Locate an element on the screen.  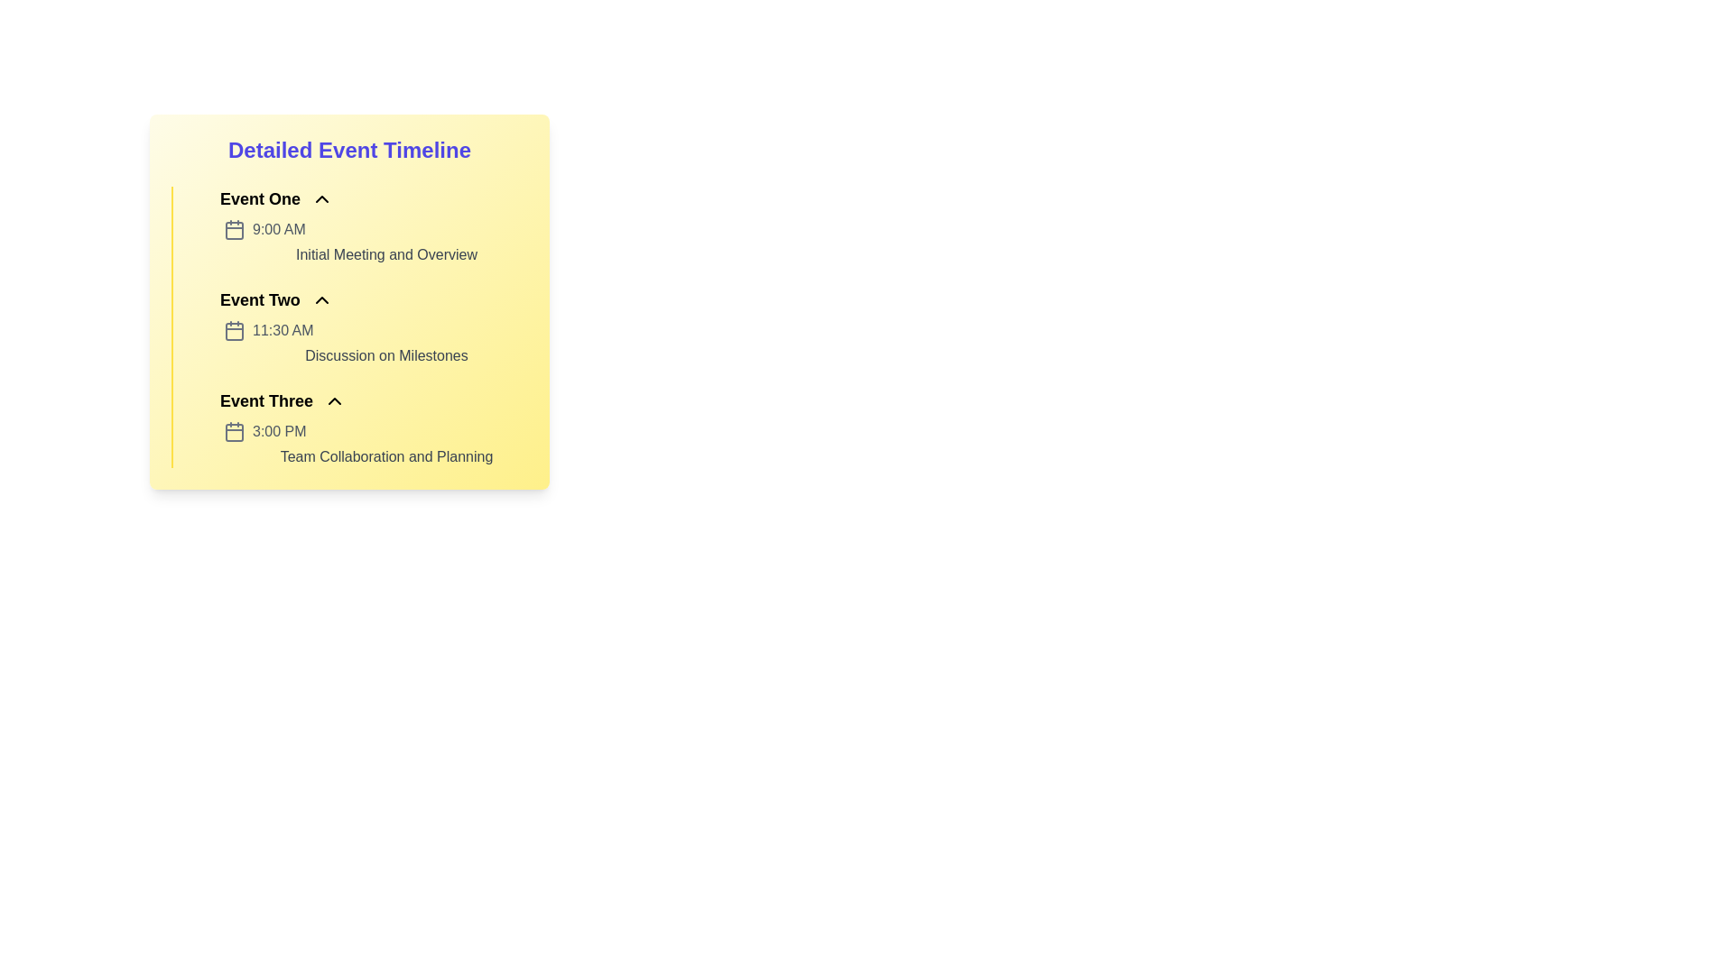
the calendar icon located in the second event block titled 'Event Two', which serves as a visual indicator for event details, positioned to the left of the timestamp '11:30 AM' is located at coordinates (233, 331).